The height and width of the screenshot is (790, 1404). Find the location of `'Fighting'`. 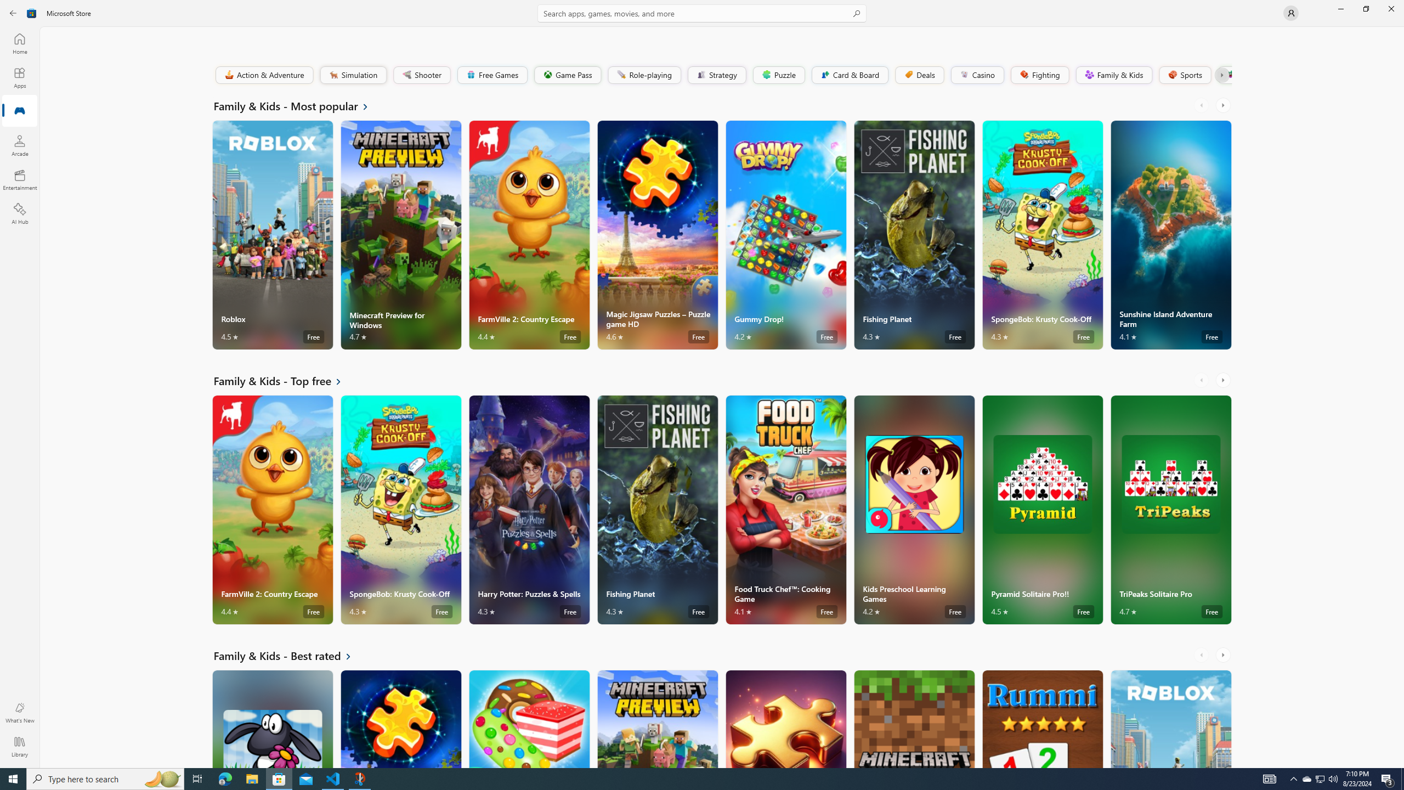

'Fighting' is located at coordinates (1039, 74).